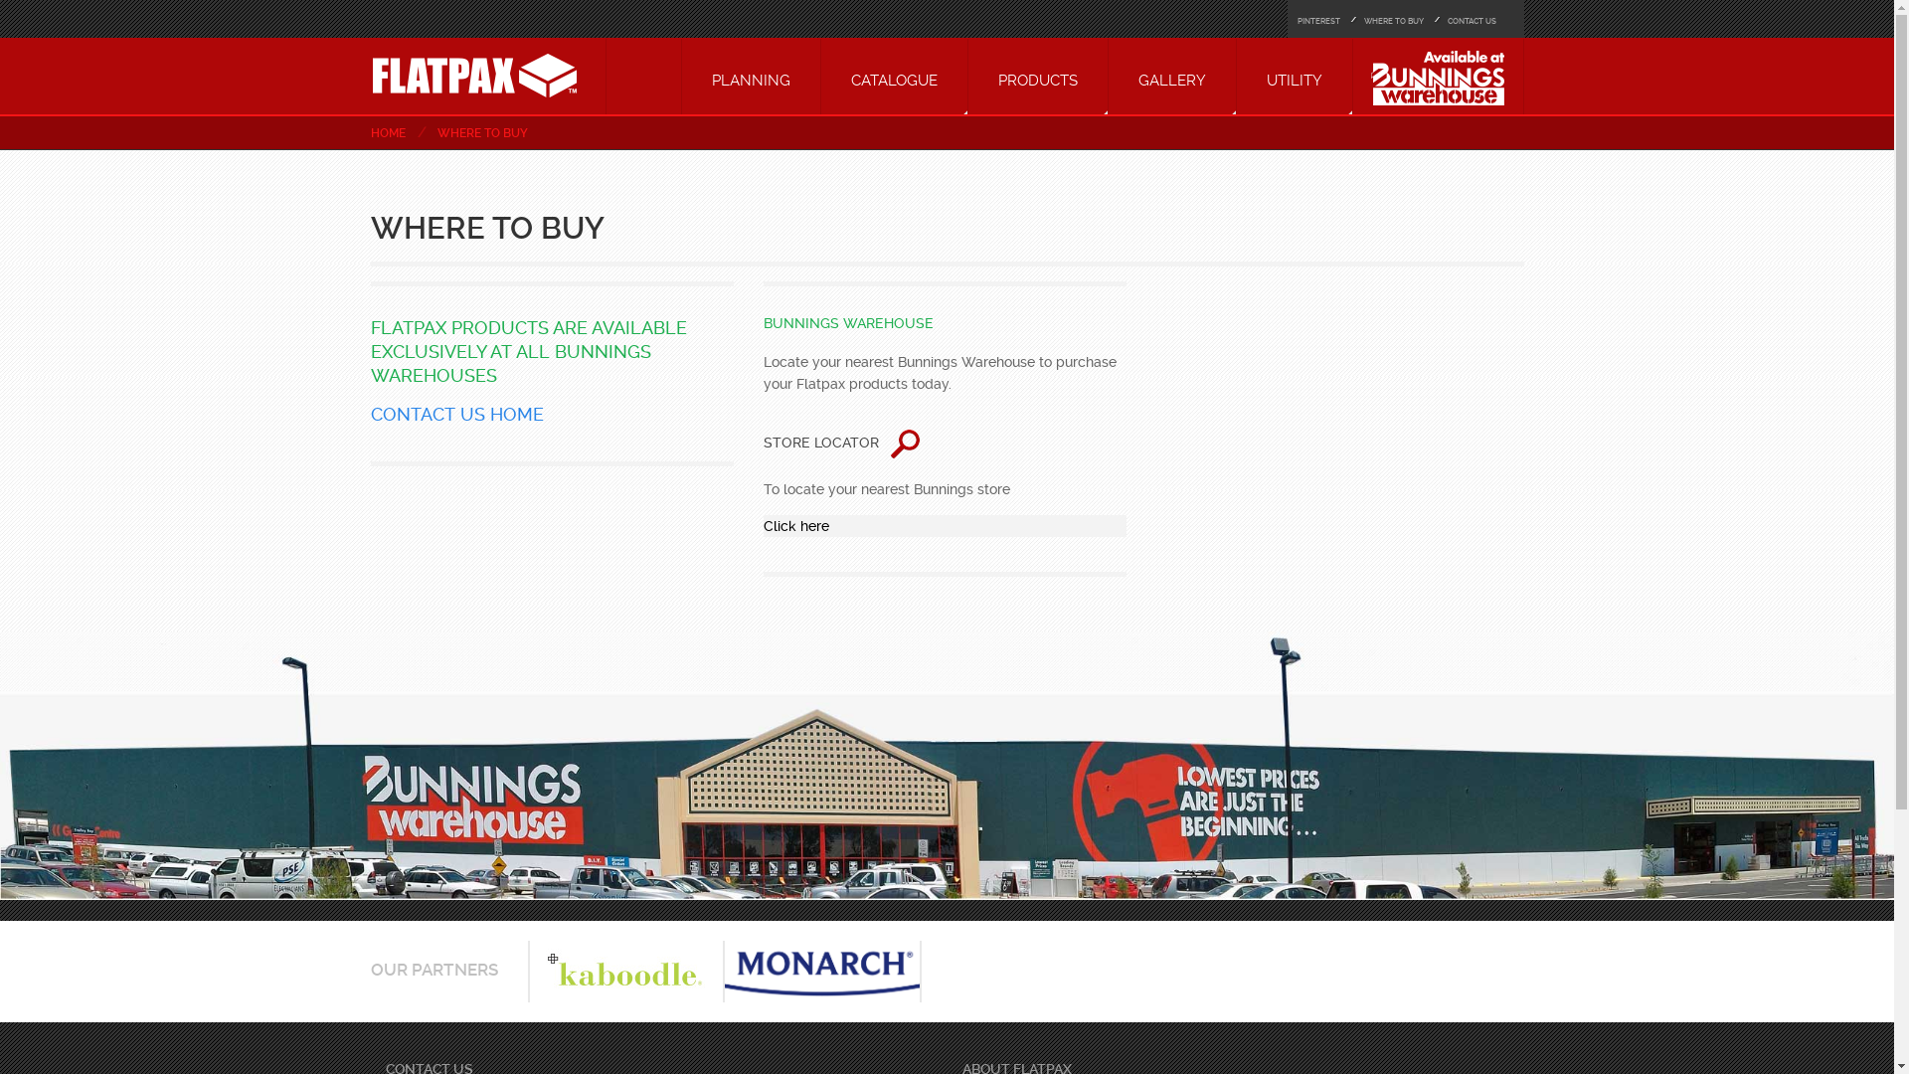 The width and height of the screenshot is (1909, 1074). I want to click on 'PINTEREST', so click(1317, 21).